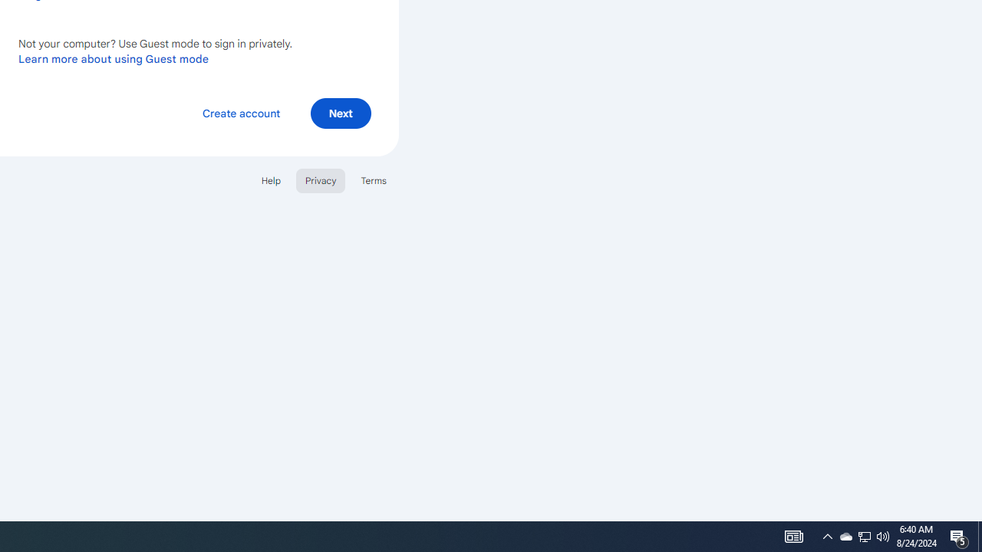  What do you see at coordinates (240, 112) in the screenshot?
I see `'Create account'` at bounding box center [240, 112].